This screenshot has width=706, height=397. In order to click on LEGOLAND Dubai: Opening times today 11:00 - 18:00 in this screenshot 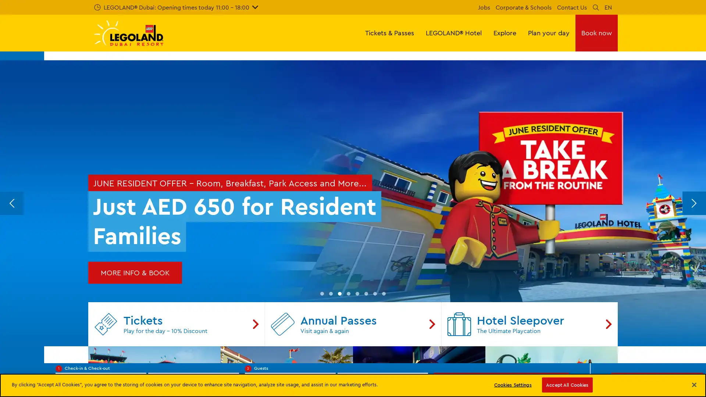, I will do `click(176, 7)`.